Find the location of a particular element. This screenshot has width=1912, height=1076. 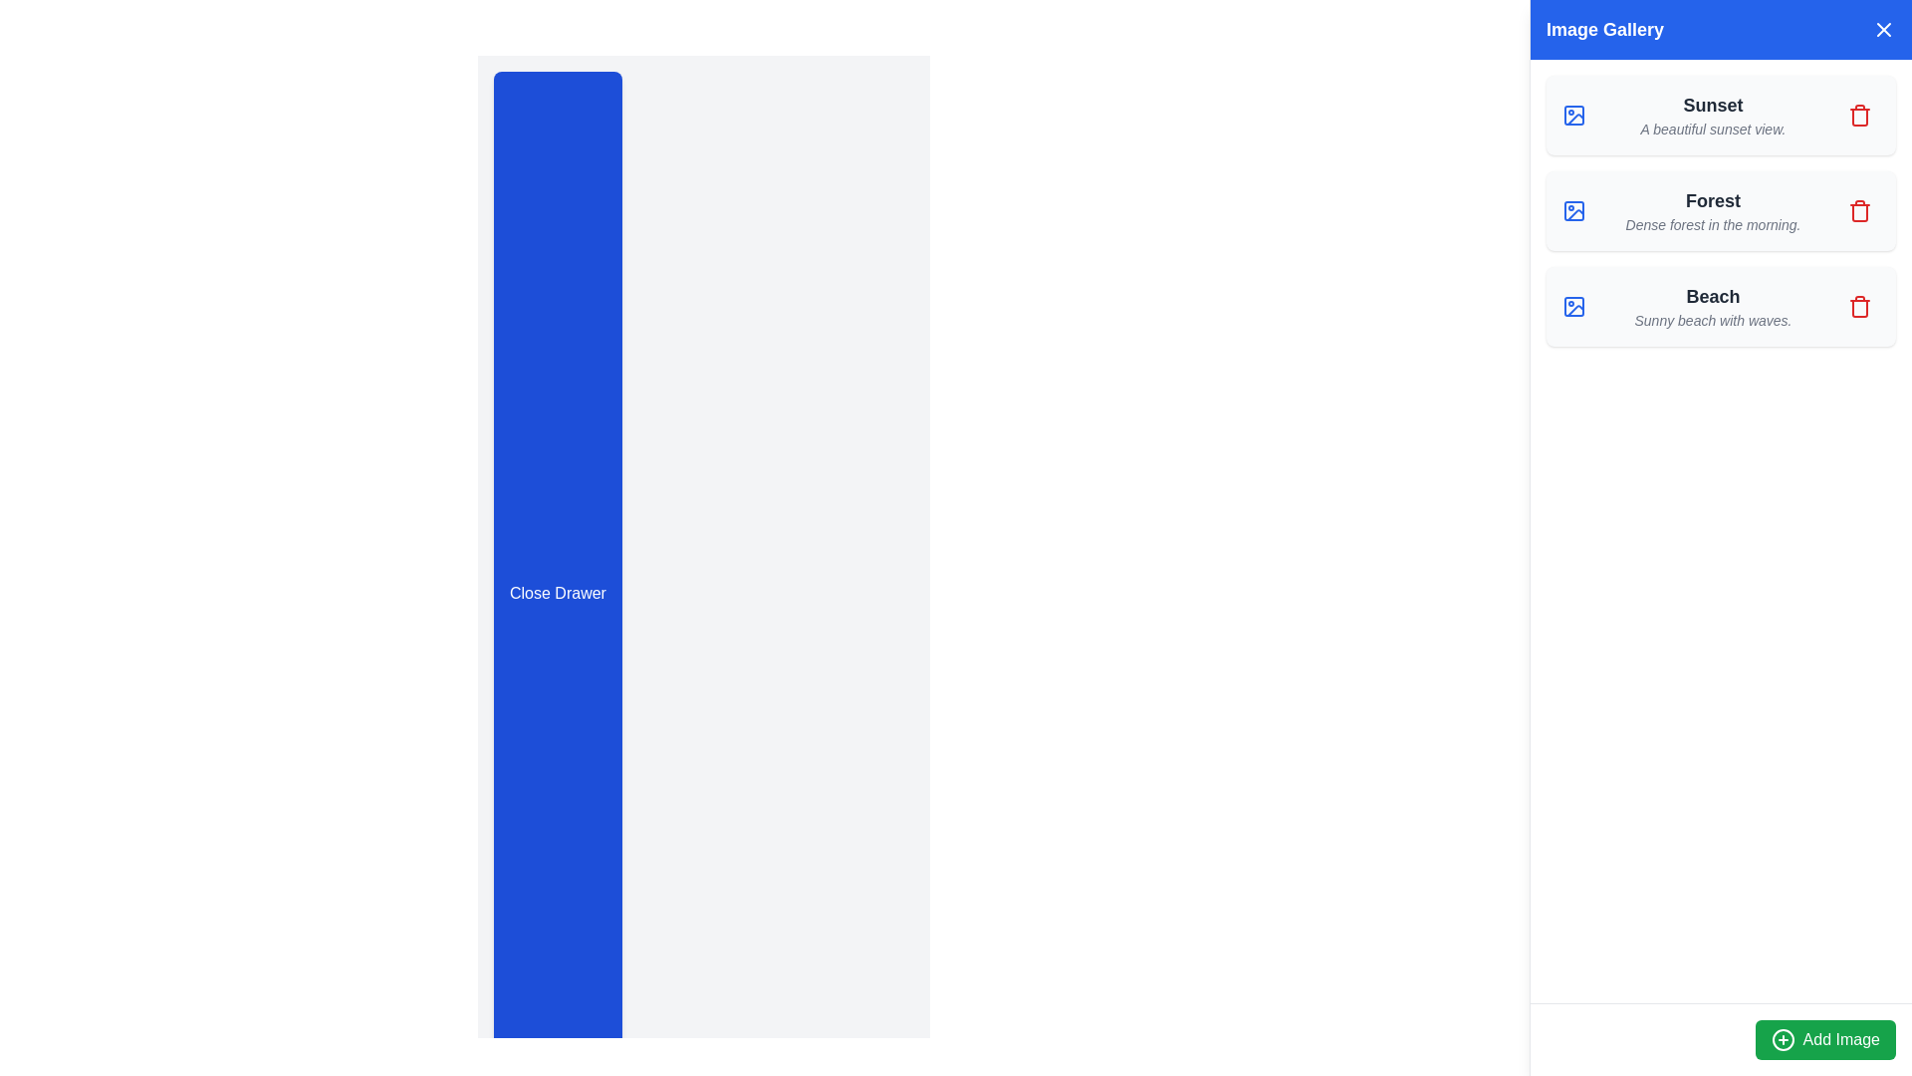

the close icon button resembling an 'X' located in the top-right corner of the 'Image Gallery' panel is located at coordinates (1882, 30).